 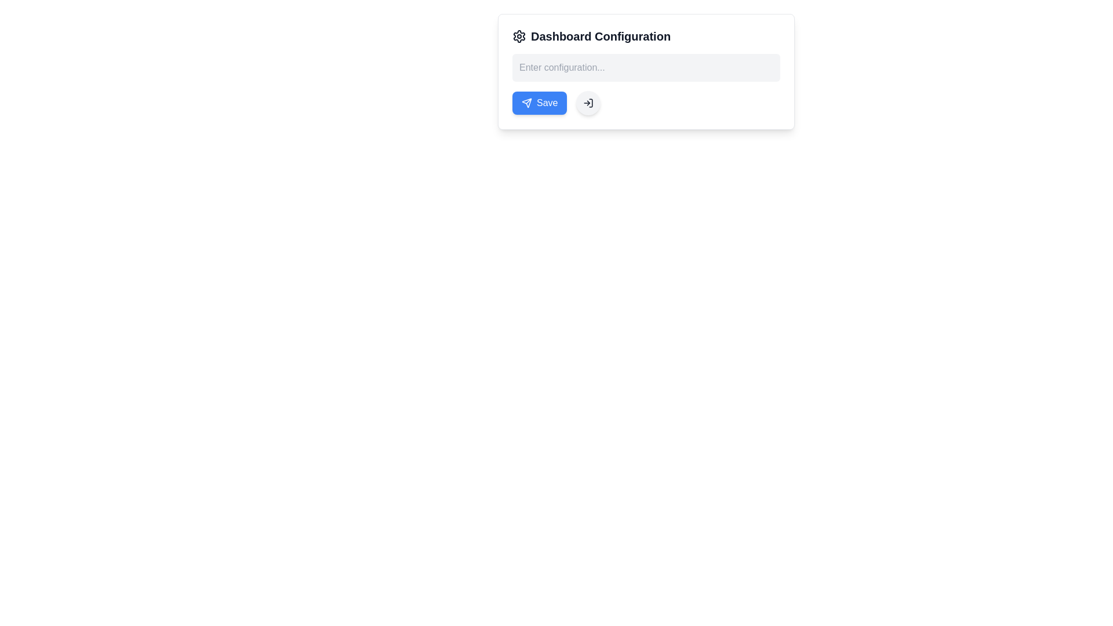 What do you see at coordinates (645, 35) in the screenshot?
I see `the Text Label that serves as a descriptive heading for the dashboard configuration interface, located at the top center within a white box area` at bounding box center [645, 35].